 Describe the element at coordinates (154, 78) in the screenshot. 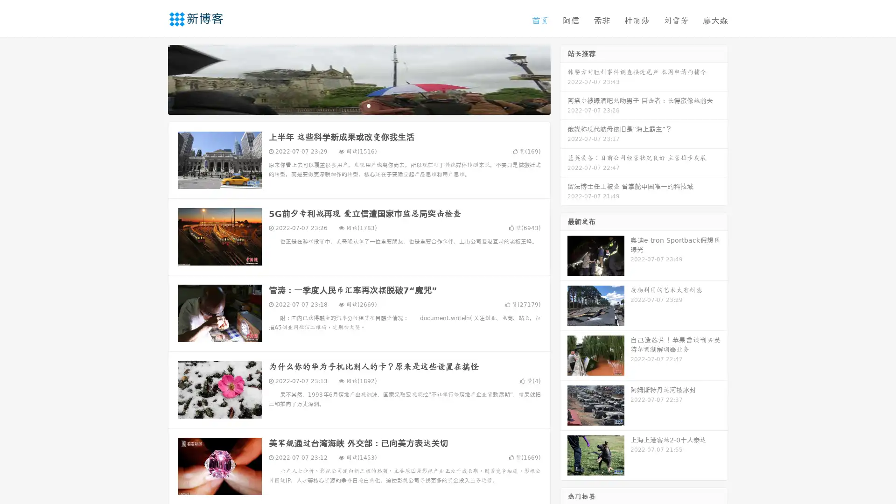

I see `Previous slide` at that location.